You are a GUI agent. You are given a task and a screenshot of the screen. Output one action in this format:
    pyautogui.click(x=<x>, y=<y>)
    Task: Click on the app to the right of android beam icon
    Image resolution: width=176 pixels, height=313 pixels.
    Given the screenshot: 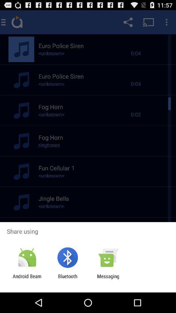 What is the action you would take?
    pyautogui.click(x=67, y=279)
    